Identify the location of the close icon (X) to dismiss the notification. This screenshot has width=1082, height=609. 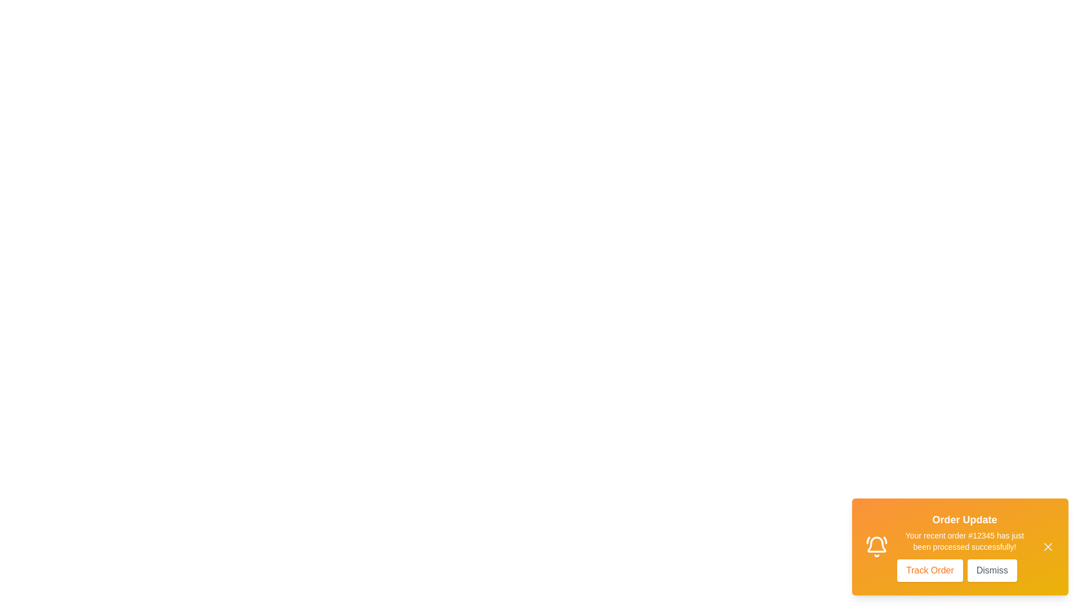
(1048, 546).